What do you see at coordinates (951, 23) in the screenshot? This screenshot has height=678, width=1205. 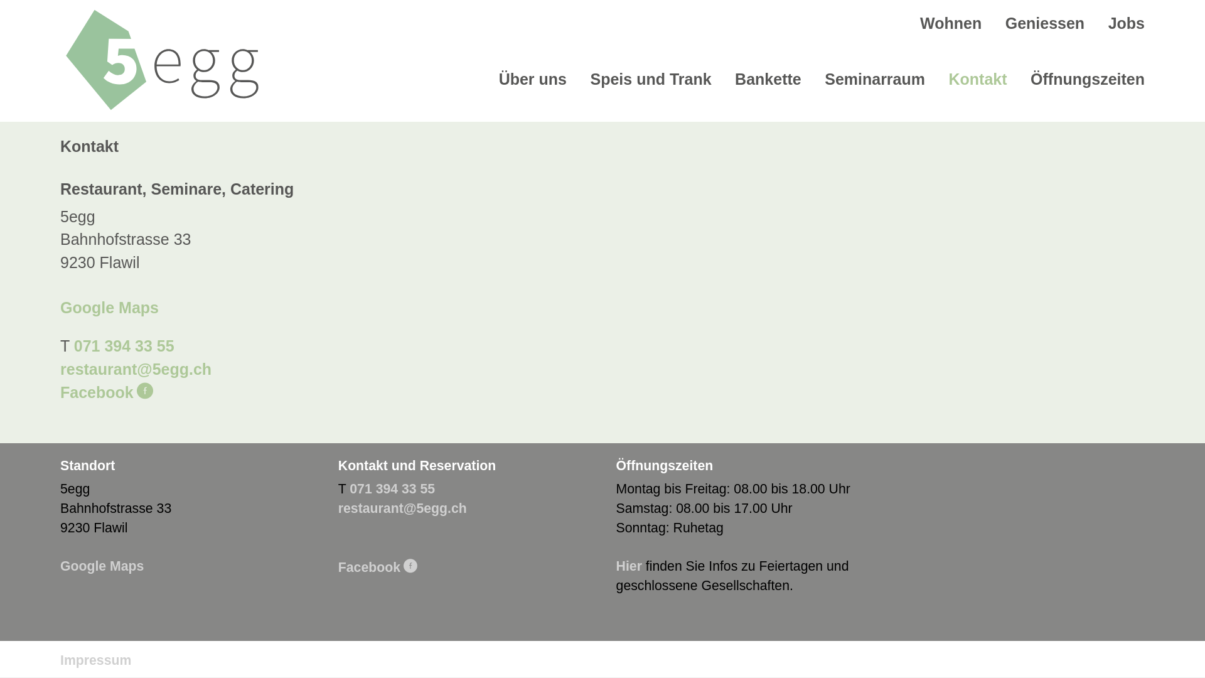 I see `'Wohnen'` at bounding box center [951, 23].